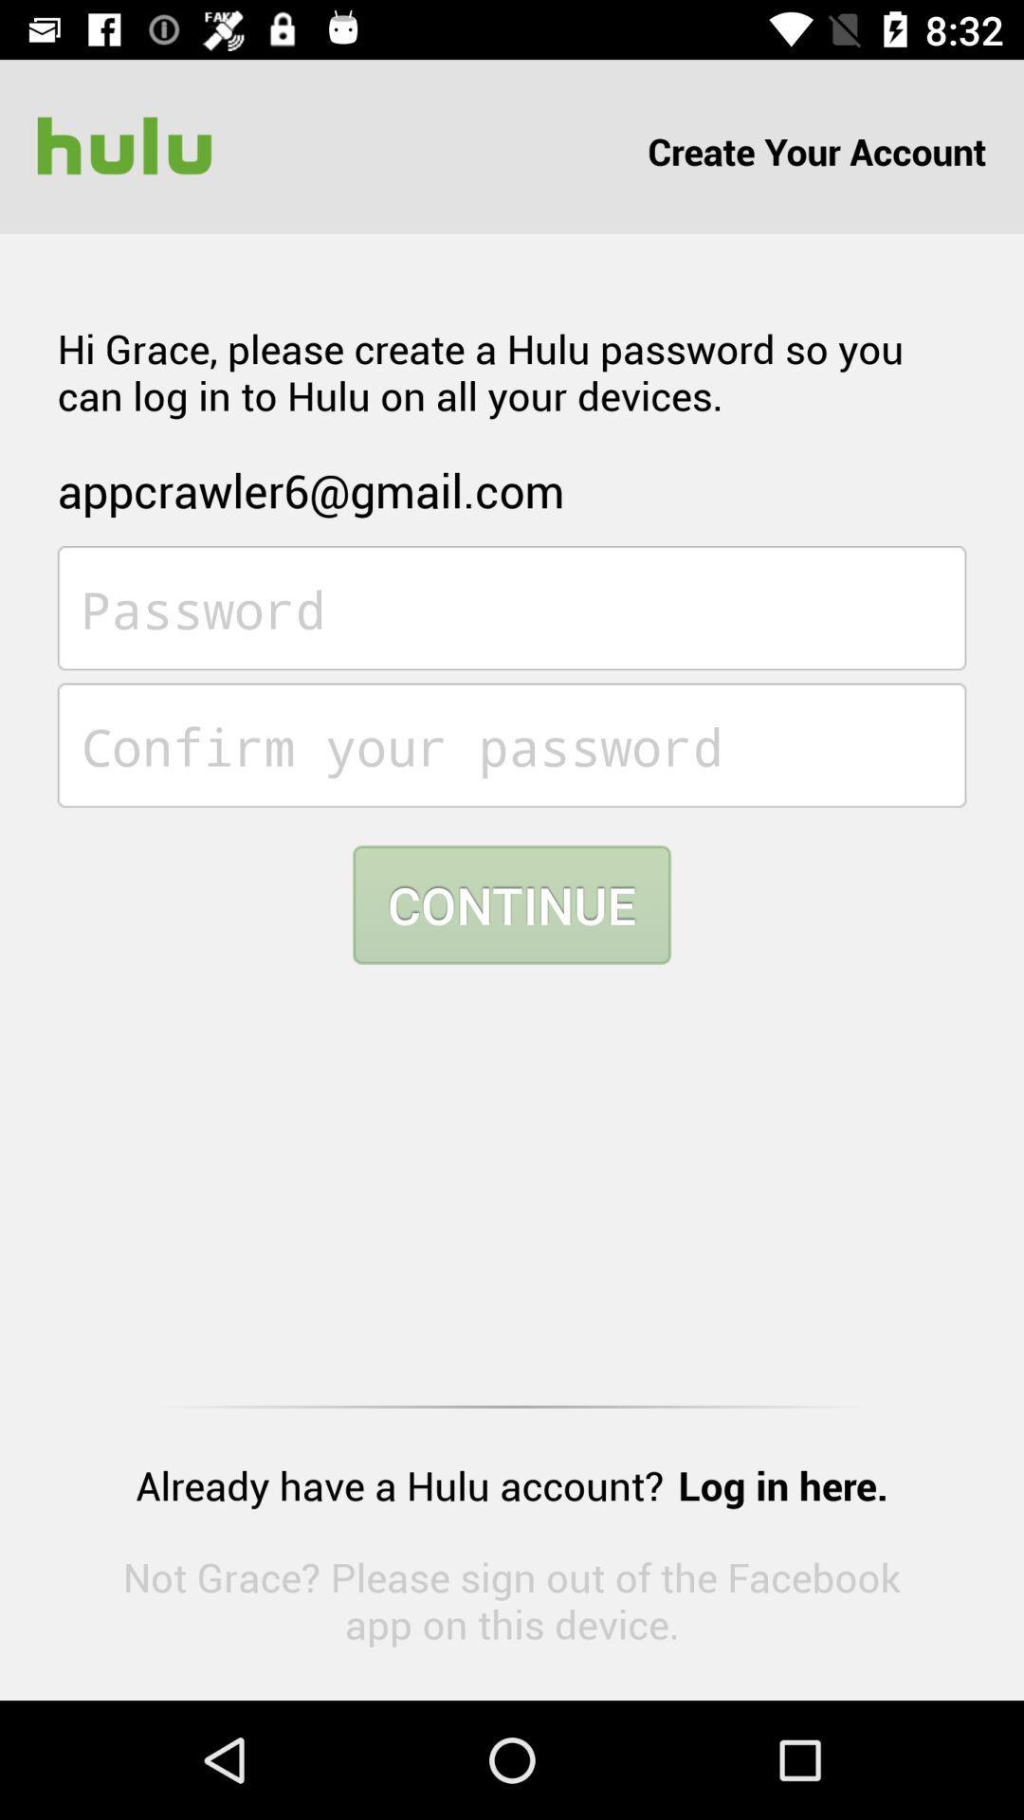 The height and width of the screenshot is (1820, 1024). I want to click on confirm password, so click(512, 744).